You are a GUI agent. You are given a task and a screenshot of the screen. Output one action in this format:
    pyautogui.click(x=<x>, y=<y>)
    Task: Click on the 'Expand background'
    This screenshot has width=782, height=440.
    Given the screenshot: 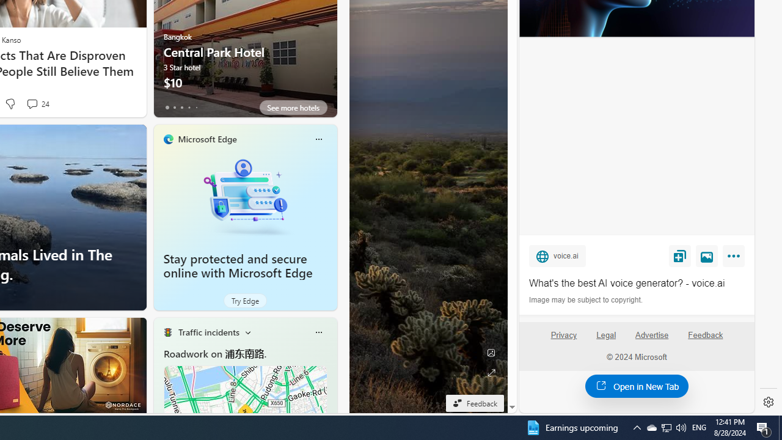 What is the action you would take?
    pyautogui.click(x=491, y=372)
    